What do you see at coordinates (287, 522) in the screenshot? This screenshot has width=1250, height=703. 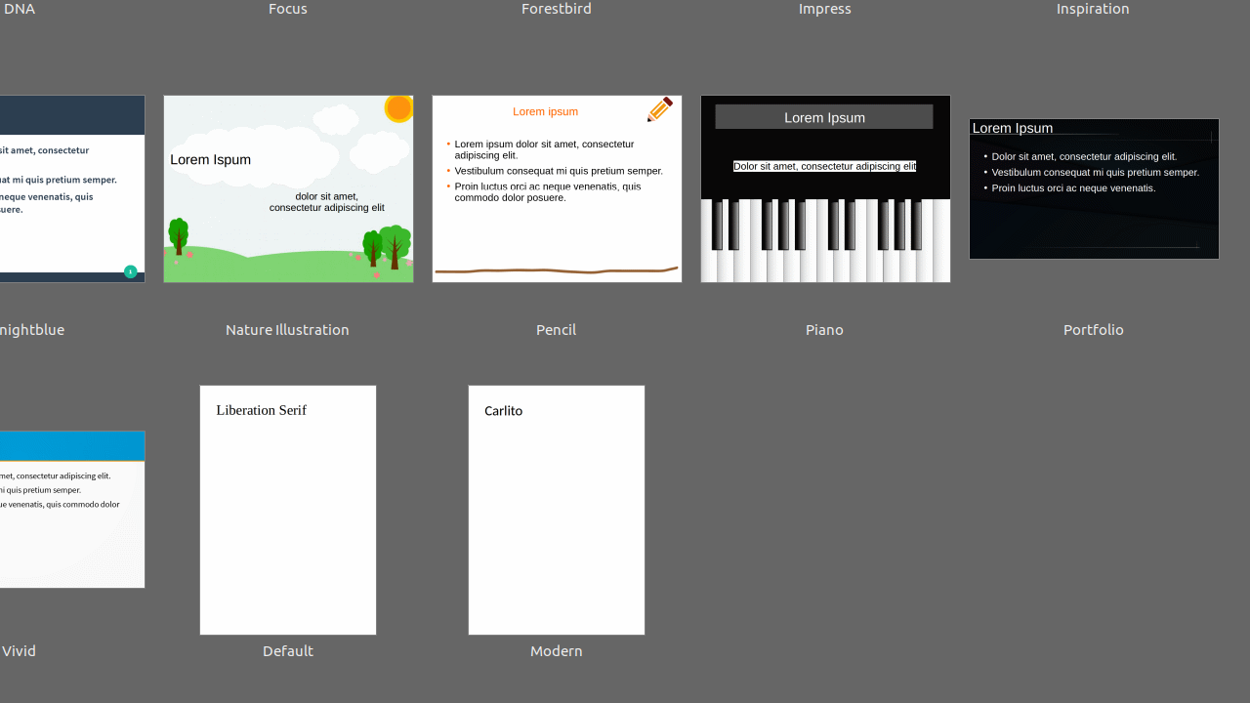 I see `'Default'` at bounding box center [287, 522].